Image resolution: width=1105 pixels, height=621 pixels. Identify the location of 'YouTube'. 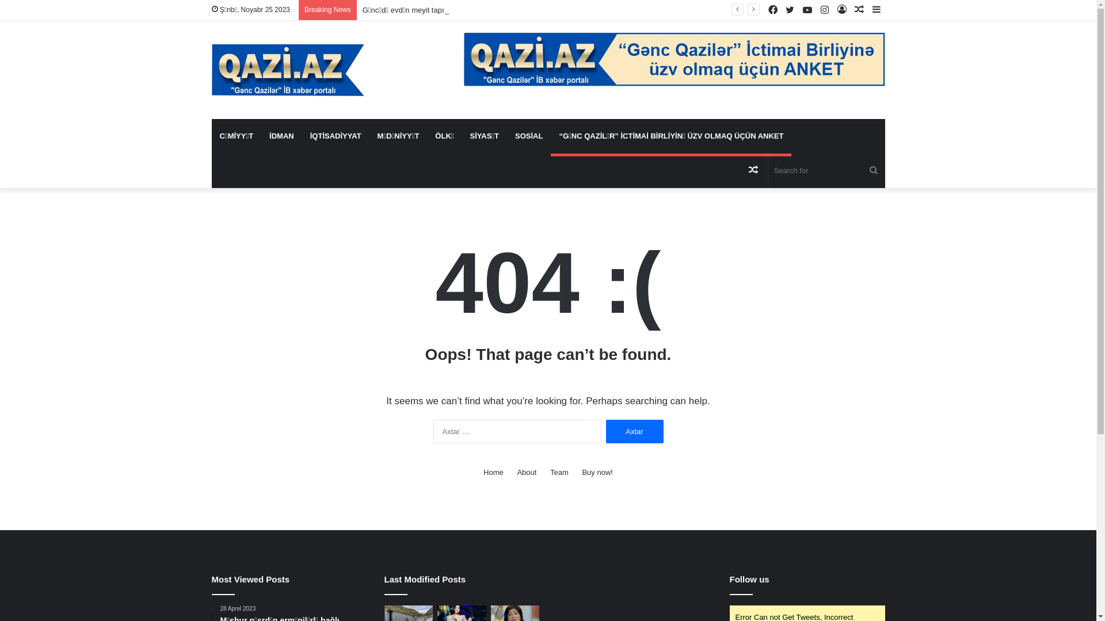
(798, 10).